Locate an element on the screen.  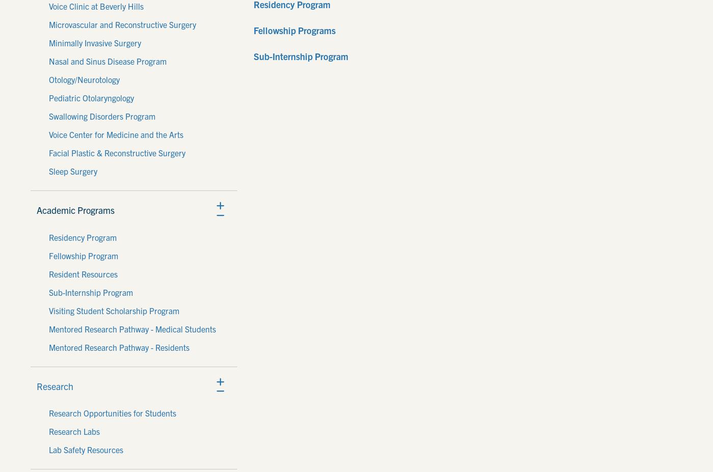
'Voice Clinic at Beverly Hills' is located at coordinates (96, 5).